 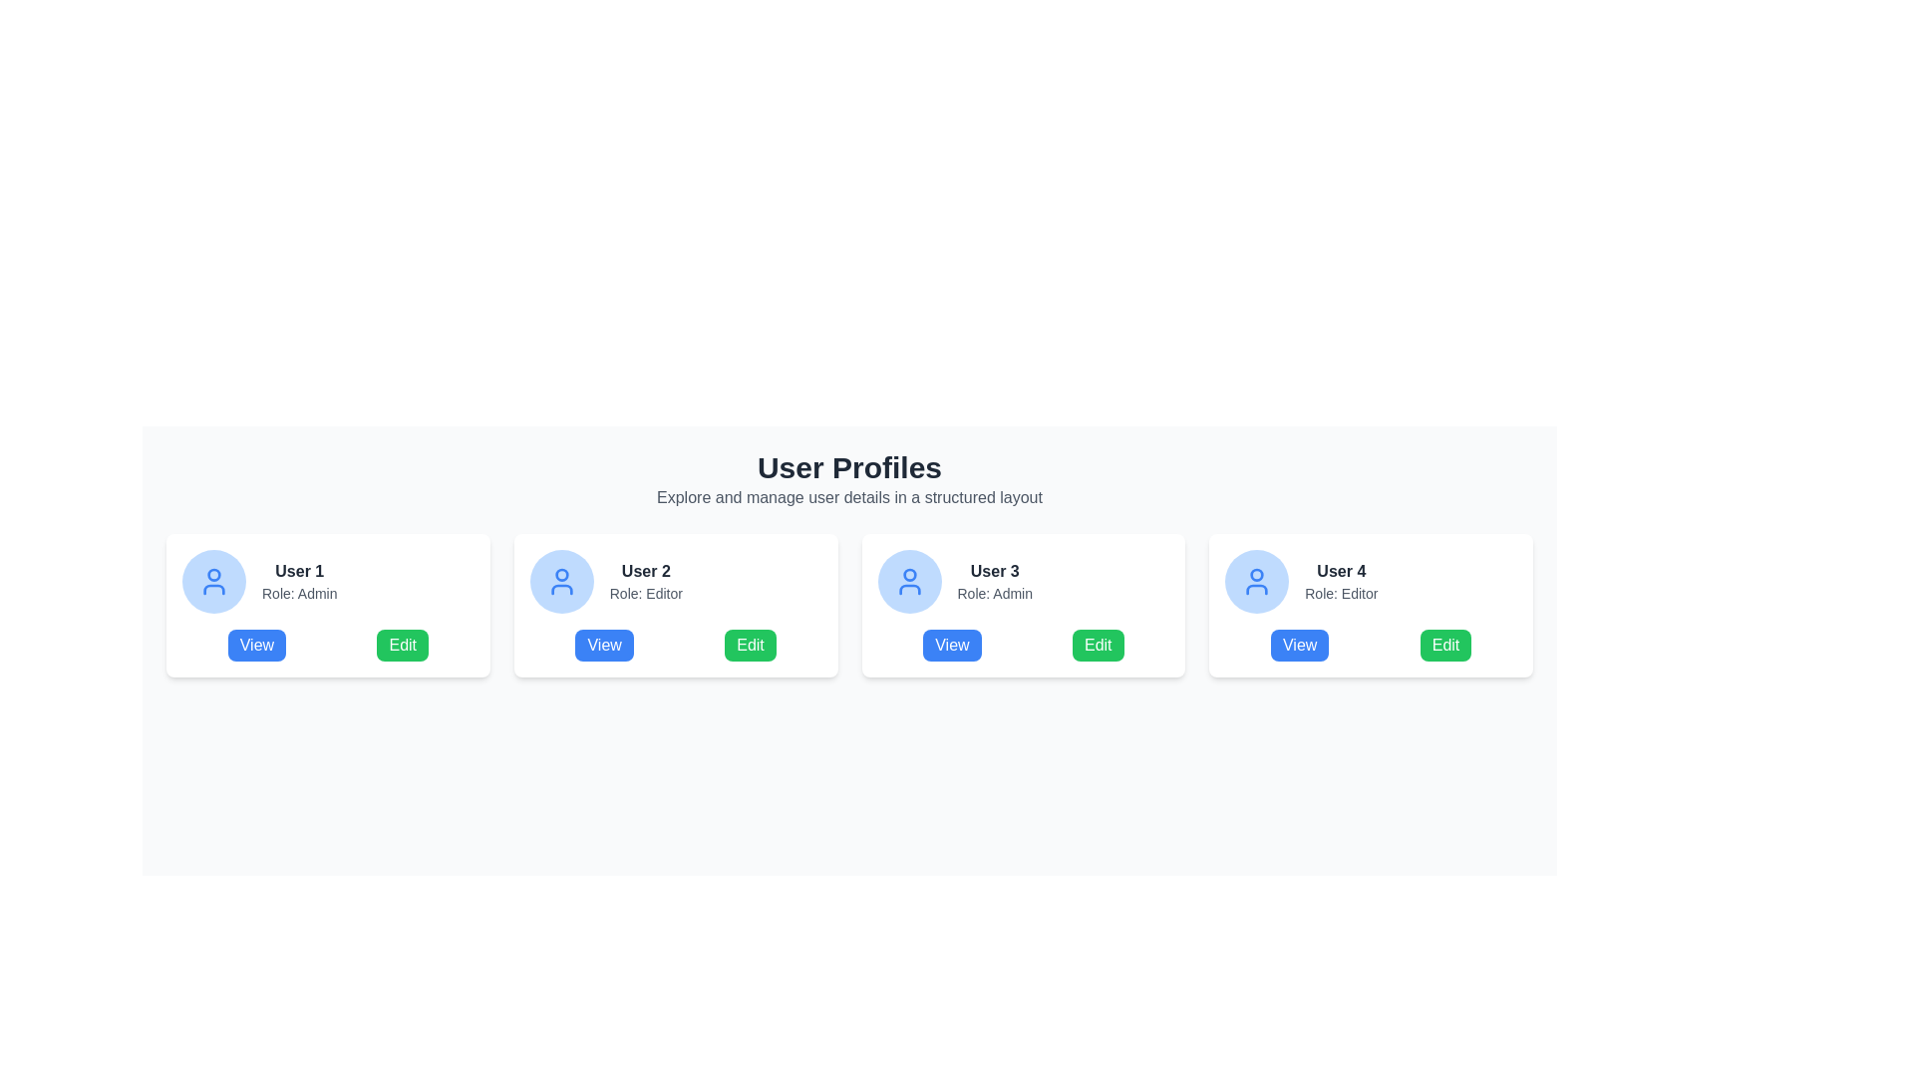 What do you see at coordinates (214, 581) in the screenshot?
I see `the user profile icon representing 'User 1', located at the center top of their user card` at bounding box center [214, 581].